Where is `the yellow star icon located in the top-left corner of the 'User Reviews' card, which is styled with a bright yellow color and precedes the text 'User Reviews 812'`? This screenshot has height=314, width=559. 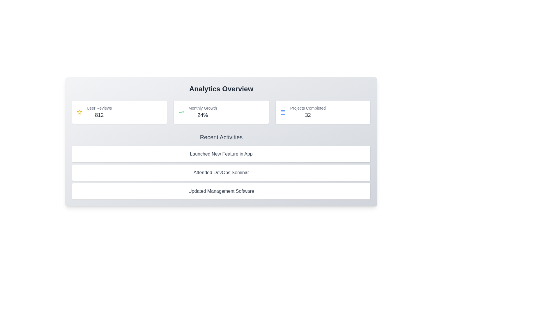 the yellow star icon located in the top-left corner of the 'User Reviews' card, which is styled with a bright yellow color and precedes the text 'User Reviews 812' is located at coordinates (79, 112).